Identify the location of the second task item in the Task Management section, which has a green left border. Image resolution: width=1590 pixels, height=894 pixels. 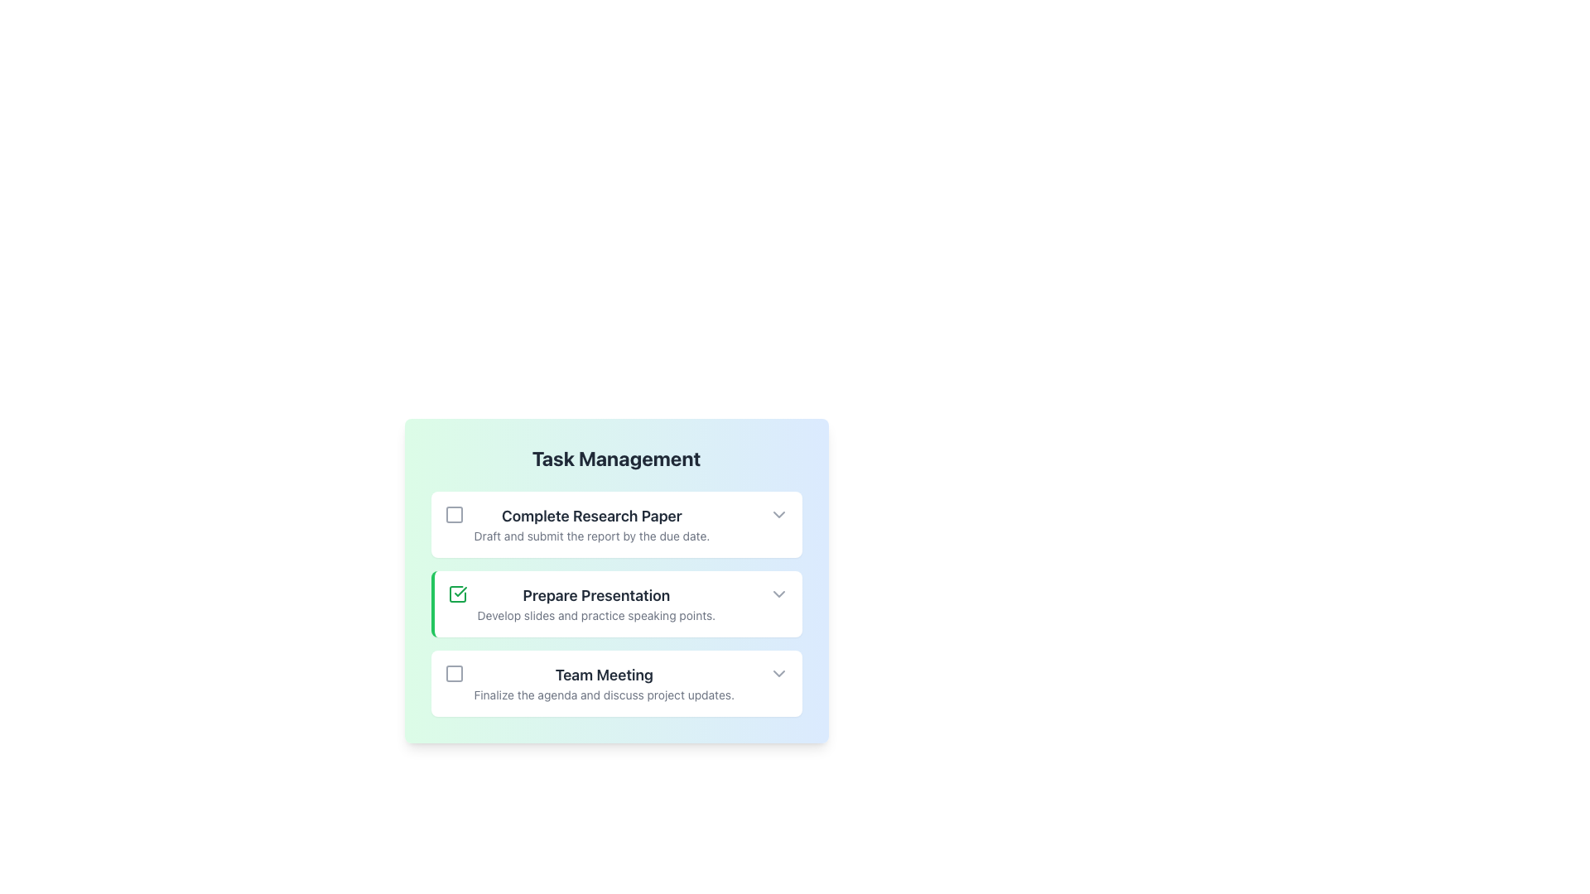
(615, 580).